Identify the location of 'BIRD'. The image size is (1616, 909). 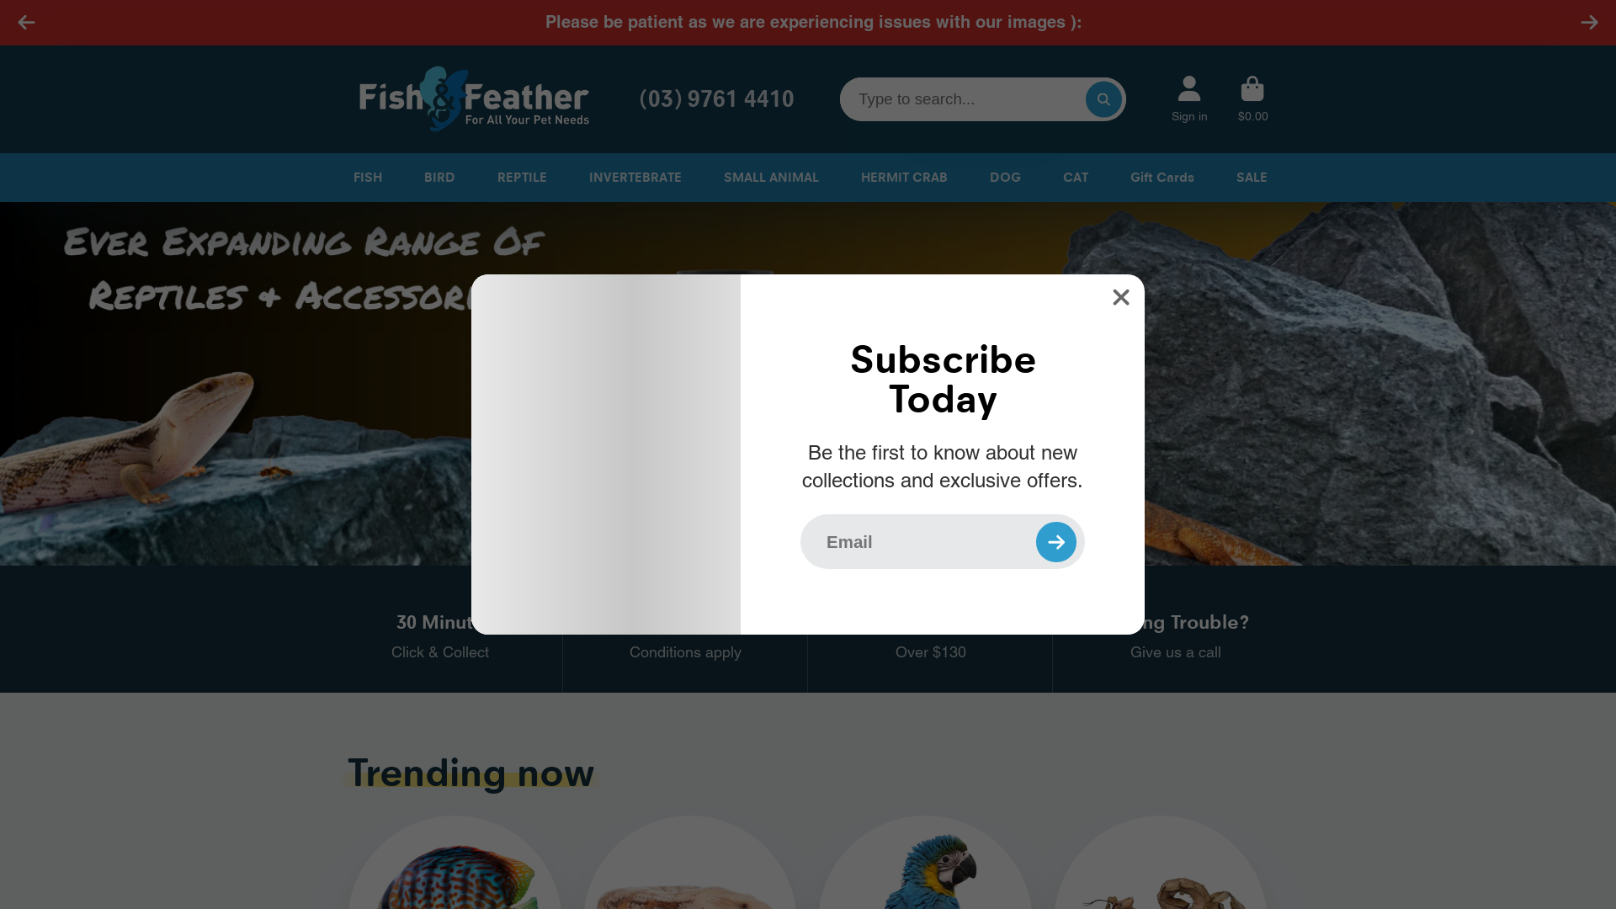
(437, 178).